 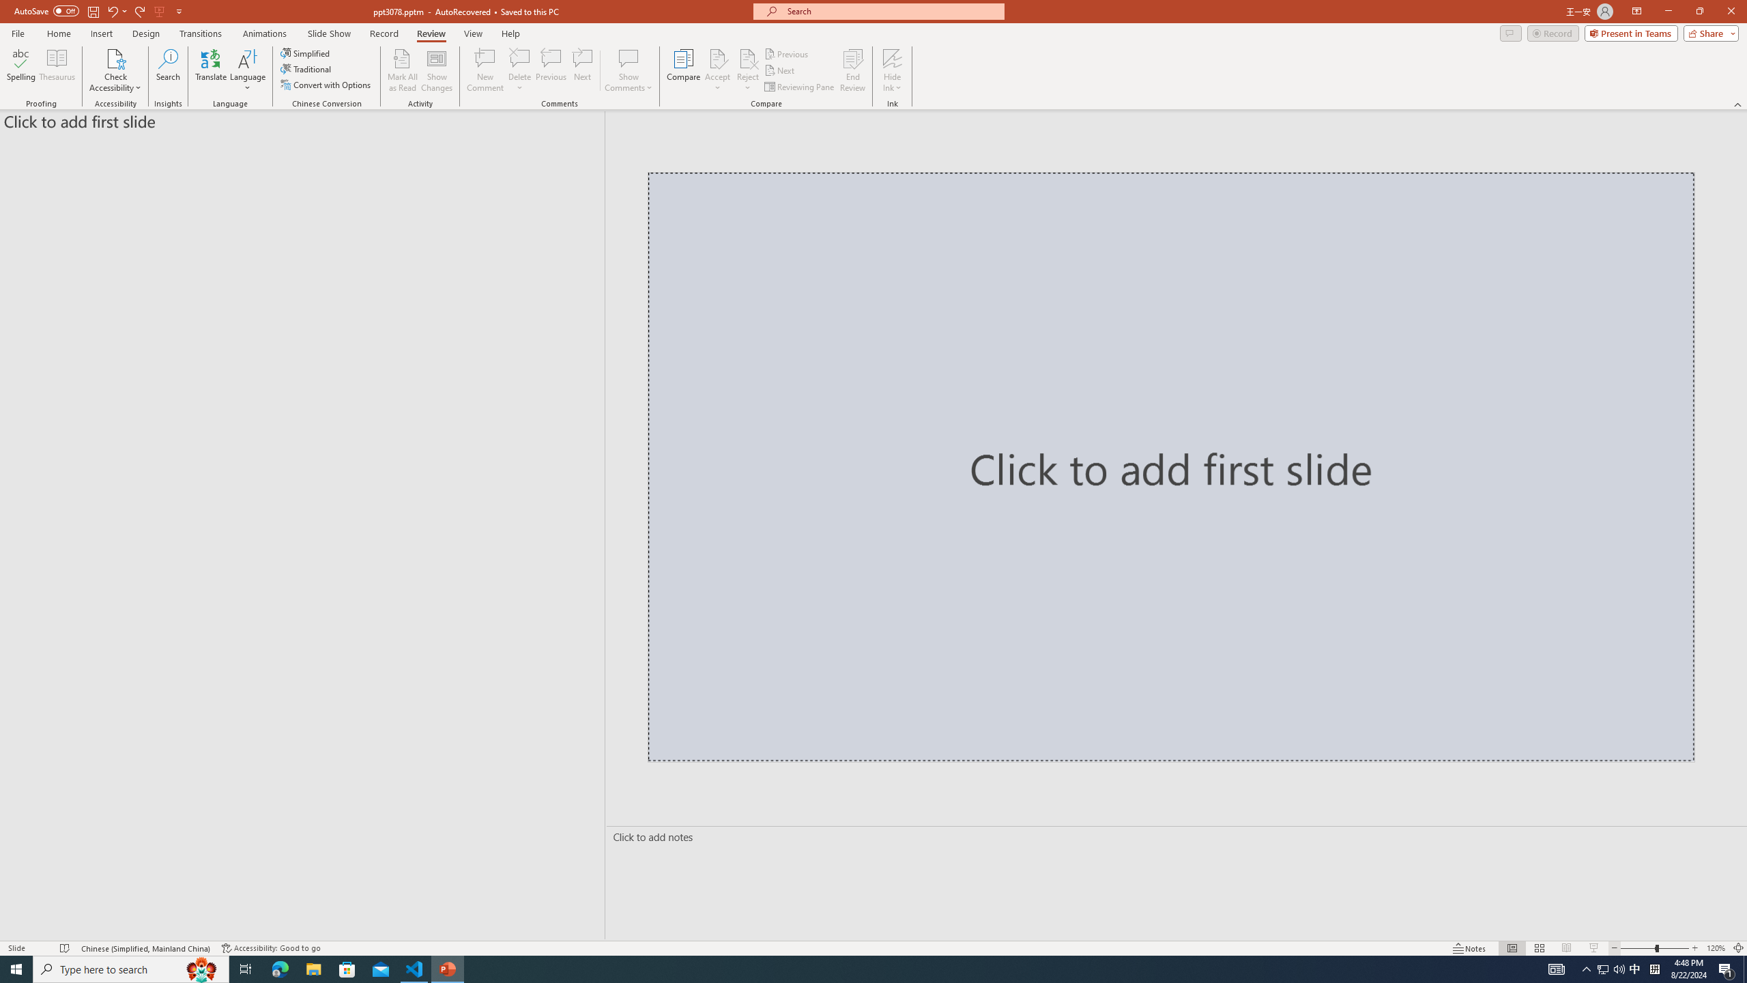 I want to click on 'End Review', so click(x=852, y=70).